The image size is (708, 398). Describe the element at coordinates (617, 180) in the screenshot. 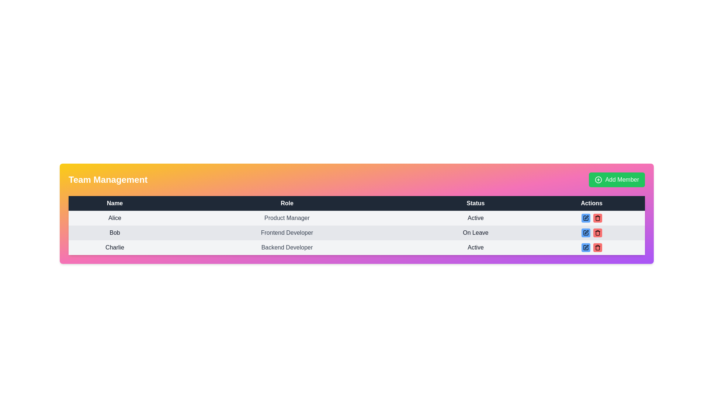

I see `the green 'Add Member' button with a plus icon located on the right side of the 'Team Management' header` at that location.